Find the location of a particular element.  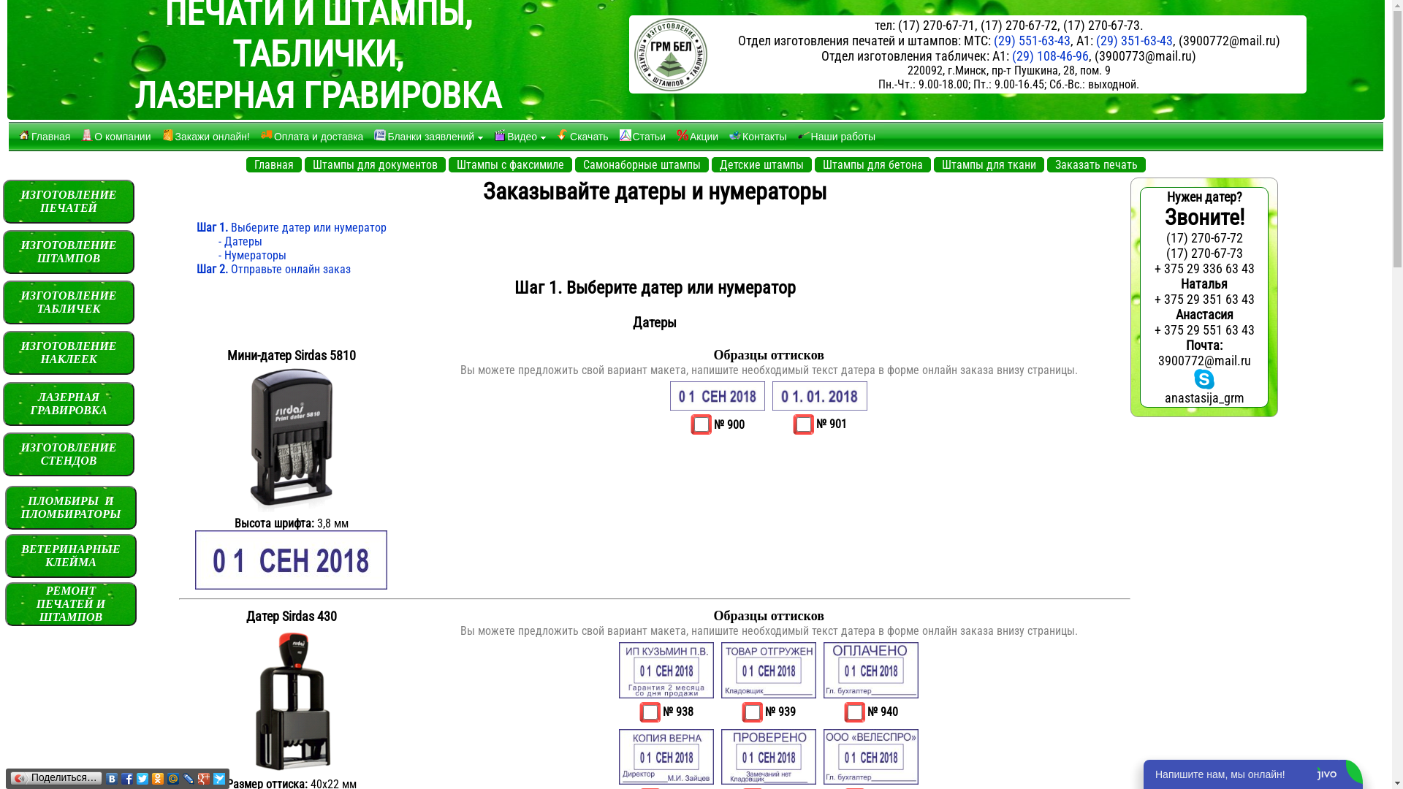

'Facebook' is located at coordinates (119, 777).